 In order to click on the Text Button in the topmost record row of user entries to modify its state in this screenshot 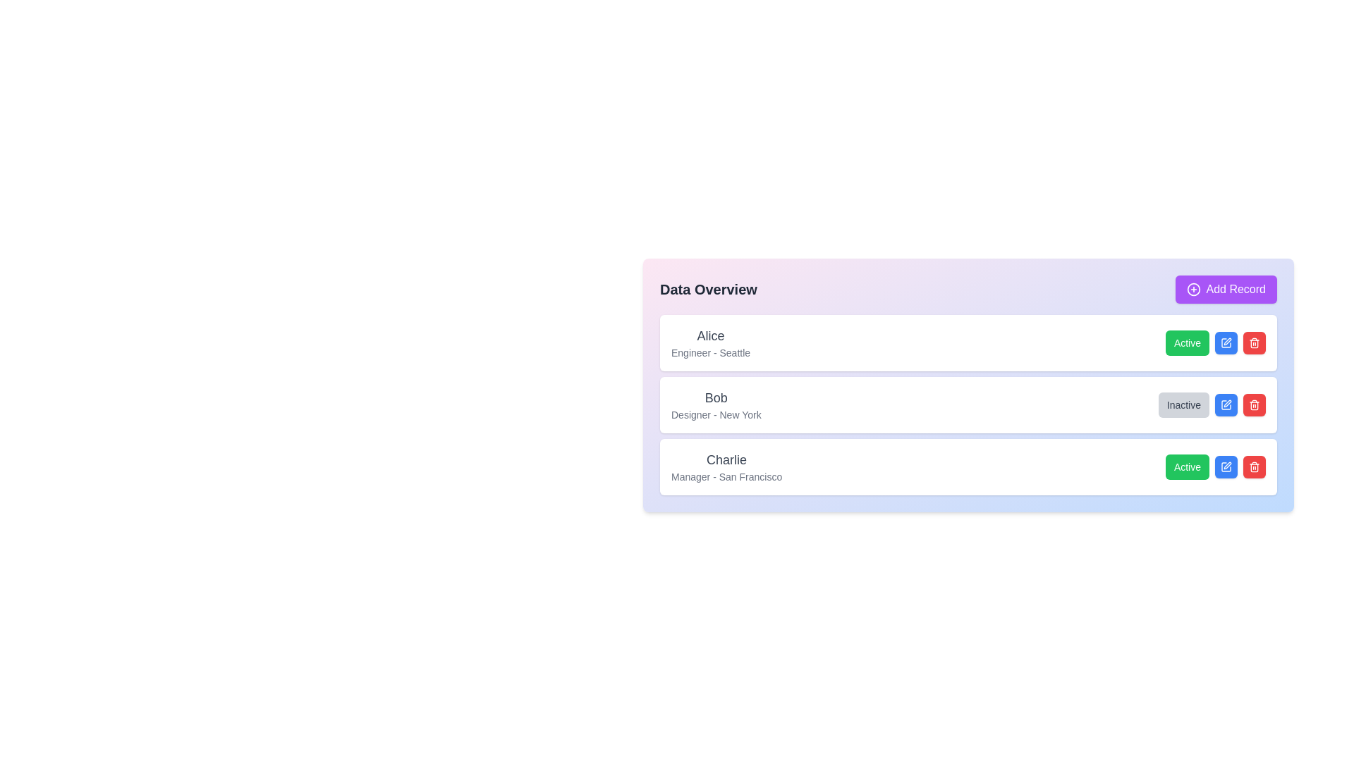, I will do `click(1214, 342)`.